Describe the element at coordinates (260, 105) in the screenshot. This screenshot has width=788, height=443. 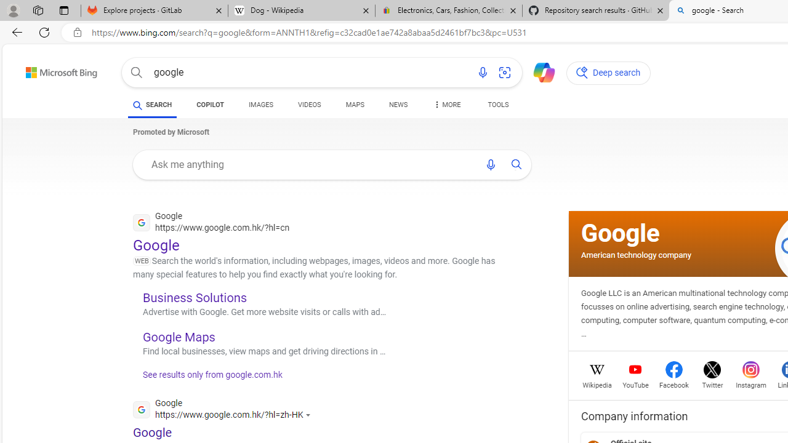
I see `'IMAGES'` at that location.